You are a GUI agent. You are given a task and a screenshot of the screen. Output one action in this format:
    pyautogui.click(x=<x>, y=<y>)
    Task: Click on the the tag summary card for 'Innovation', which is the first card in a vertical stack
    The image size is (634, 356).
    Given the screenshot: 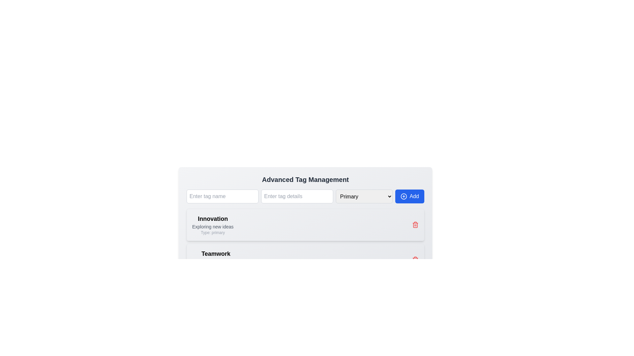 What is the action you would take?
    pyautogui.click(x=305, y=224)
    